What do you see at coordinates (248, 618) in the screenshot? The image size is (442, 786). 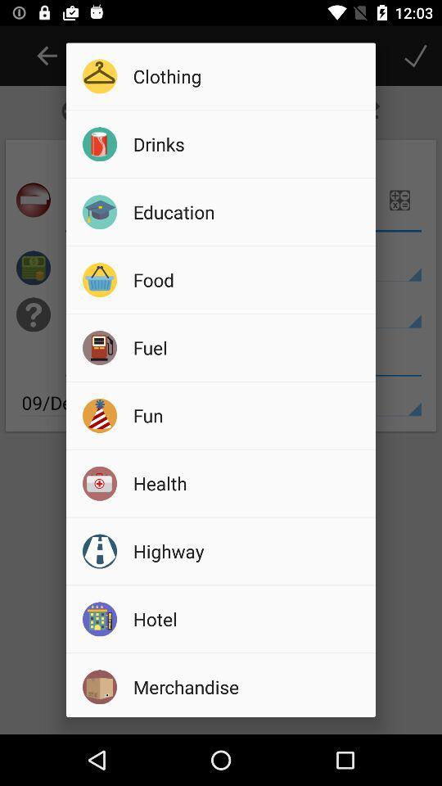 I see `icon below highway` at bounding box center [248, 618].